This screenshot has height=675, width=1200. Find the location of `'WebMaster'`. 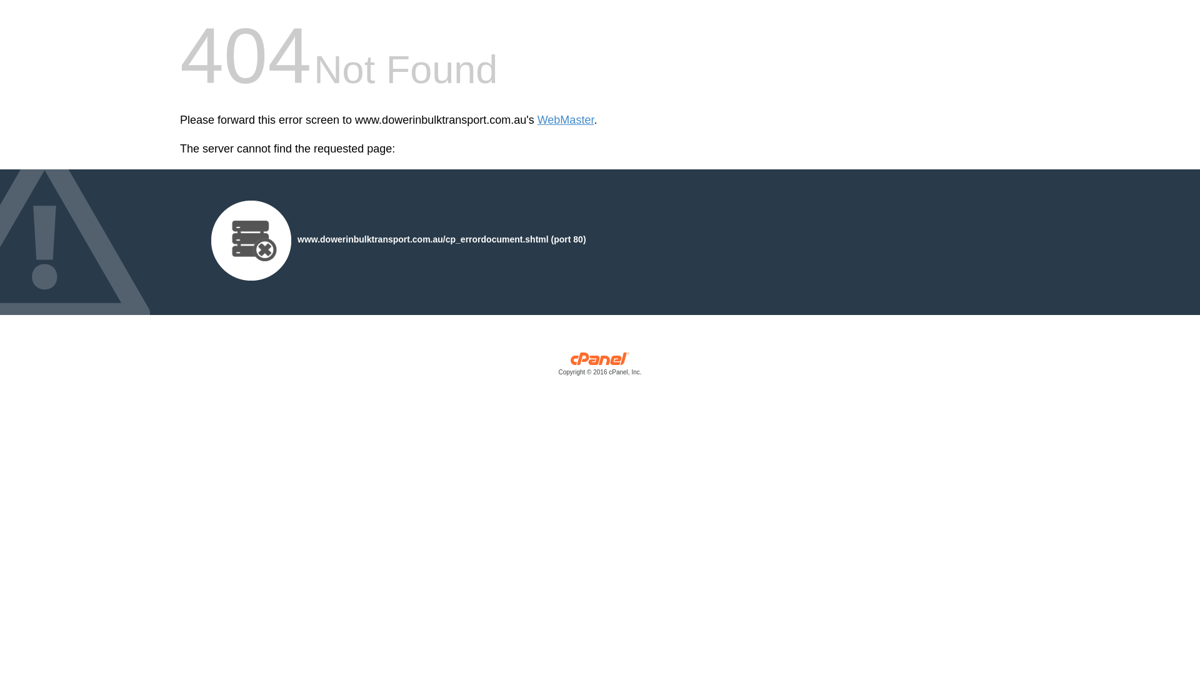

'WebMaster' is located at coordinates (565, 120).